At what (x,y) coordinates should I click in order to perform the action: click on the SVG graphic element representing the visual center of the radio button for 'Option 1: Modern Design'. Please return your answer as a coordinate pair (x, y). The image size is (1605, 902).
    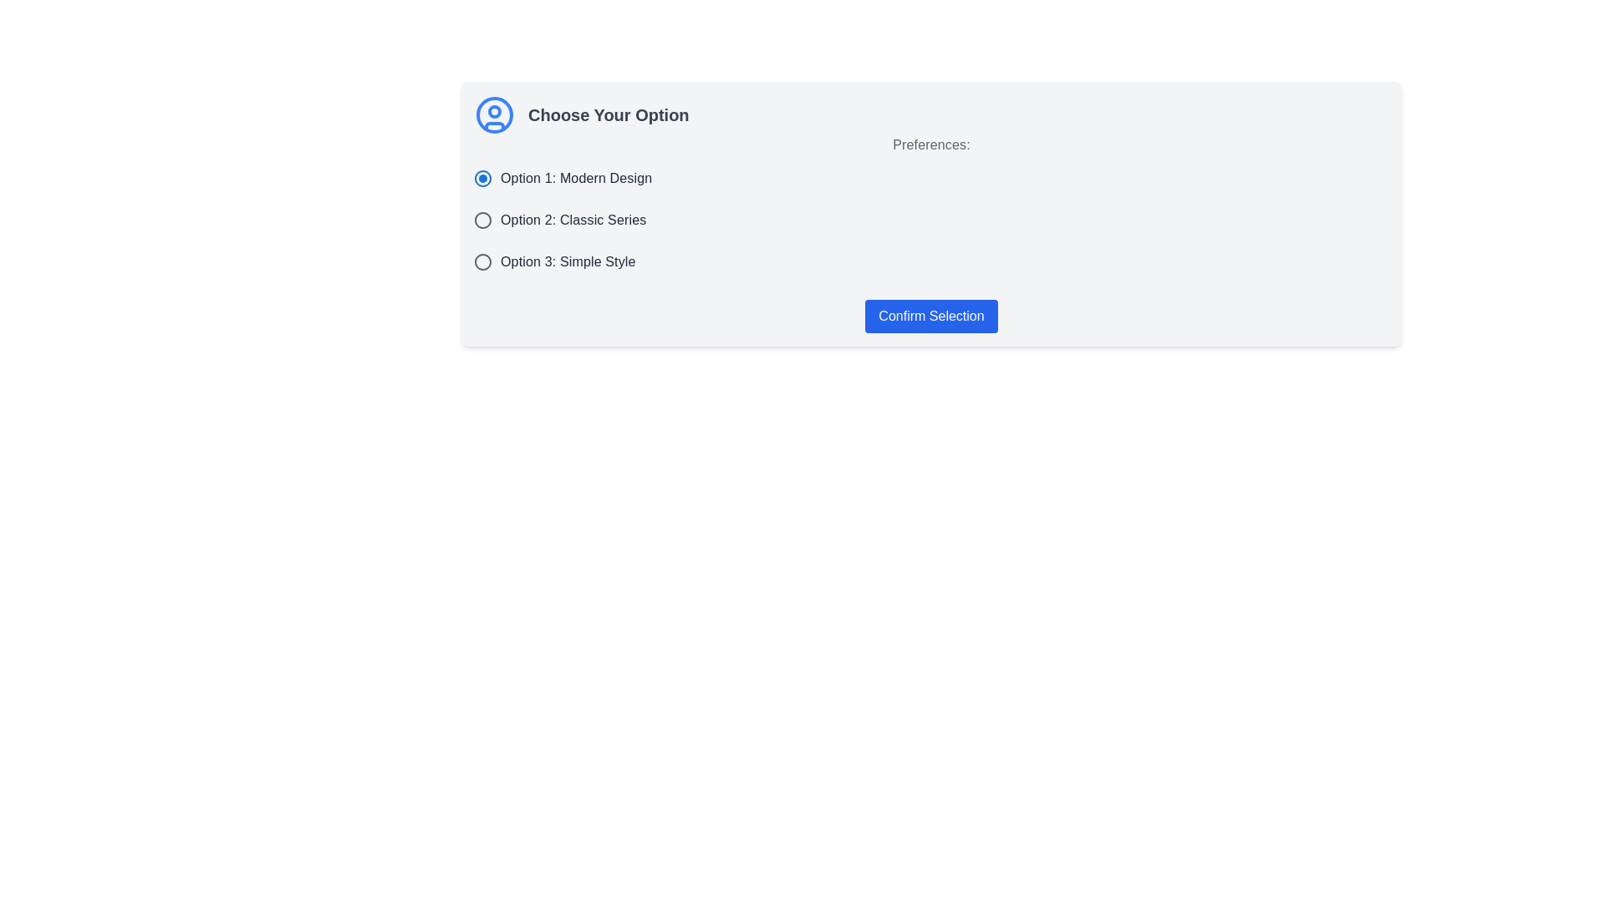
    Looking at the image, I should click on (481, 178).